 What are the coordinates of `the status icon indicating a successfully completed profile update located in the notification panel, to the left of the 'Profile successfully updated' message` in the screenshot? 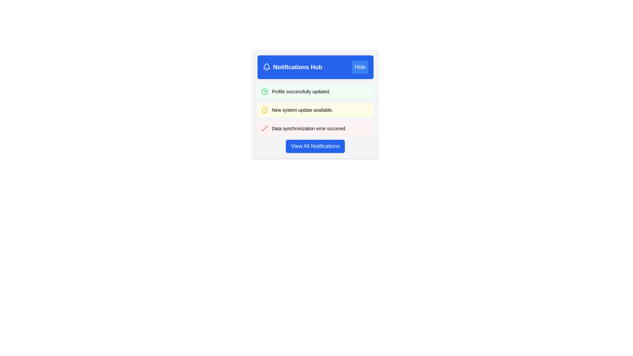 It's located at (264, 91).